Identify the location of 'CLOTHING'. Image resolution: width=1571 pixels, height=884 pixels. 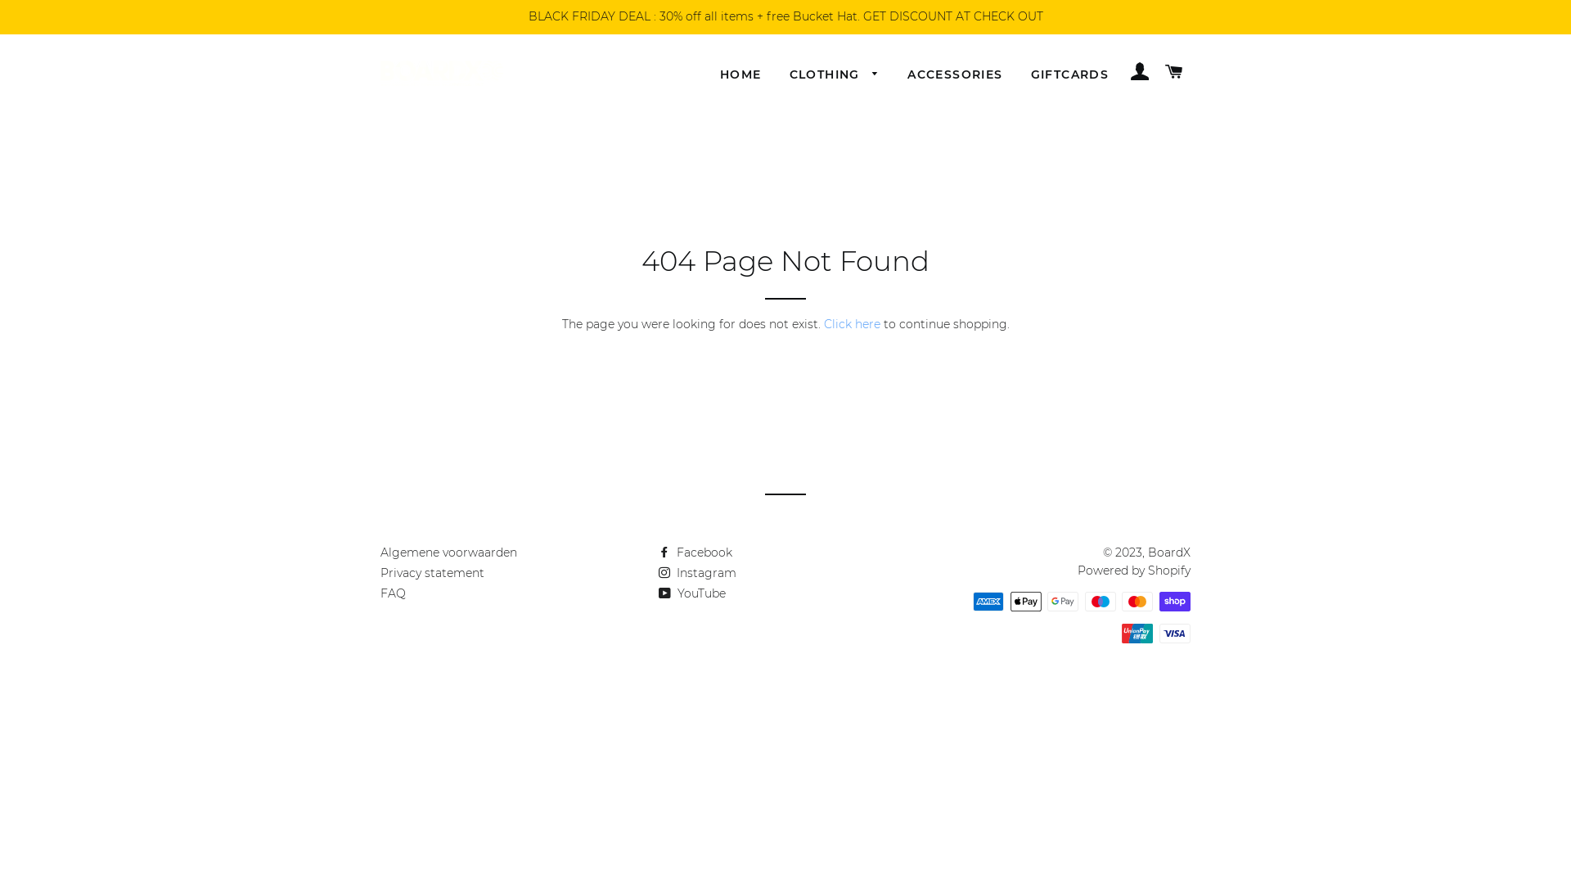
(776, 75).